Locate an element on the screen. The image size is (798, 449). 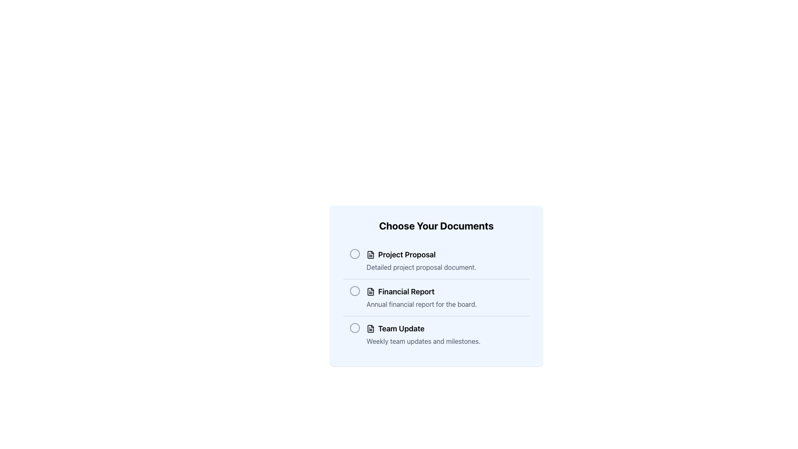
the circular graphical component with a gray border located in the leftmost position of the row for the 'Financial Report' item is located at coordinates (355, 290).